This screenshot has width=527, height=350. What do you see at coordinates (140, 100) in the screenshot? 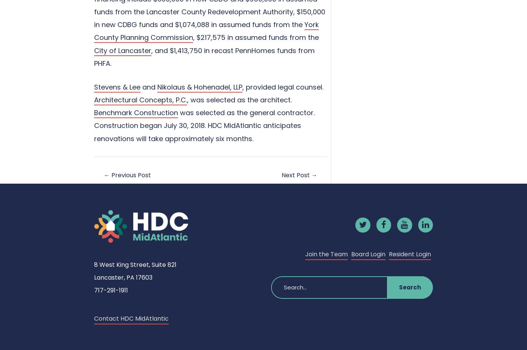
I see `'Architectural Concepts, P.C.'` at bounding box center [140, 100].